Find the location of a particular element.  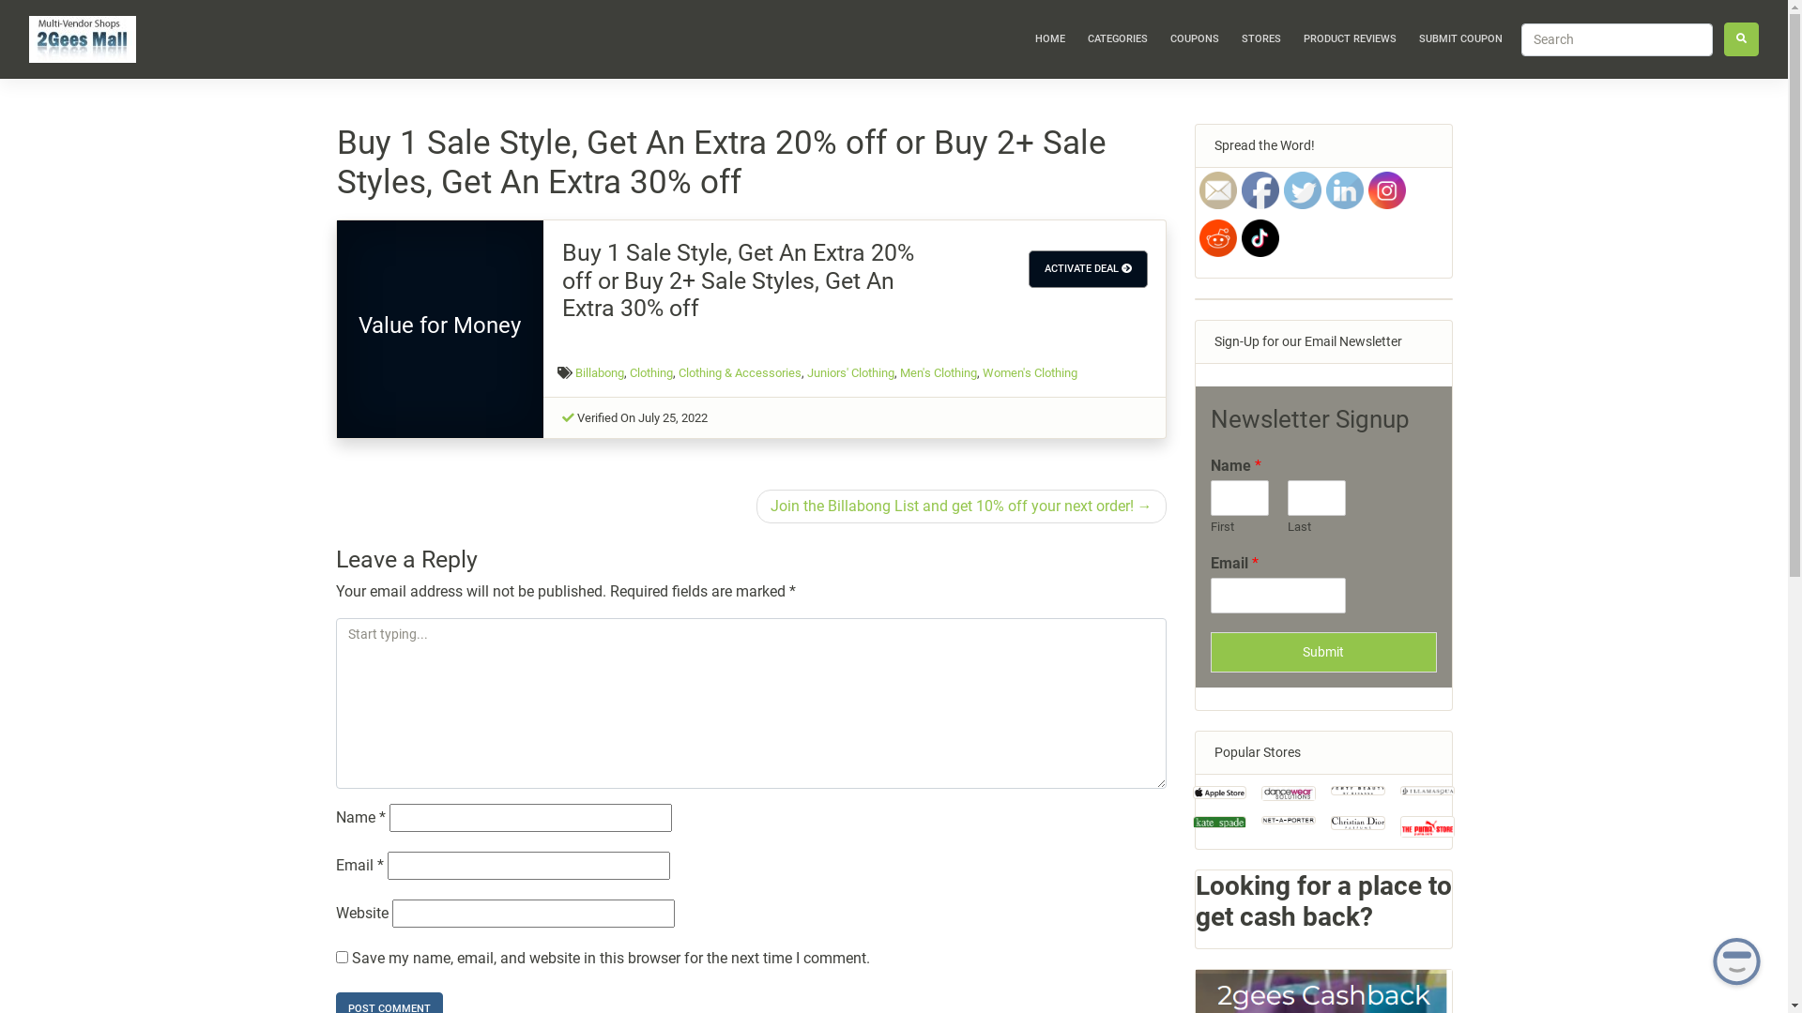

'Billabong' is located at coordinates (598, 372).